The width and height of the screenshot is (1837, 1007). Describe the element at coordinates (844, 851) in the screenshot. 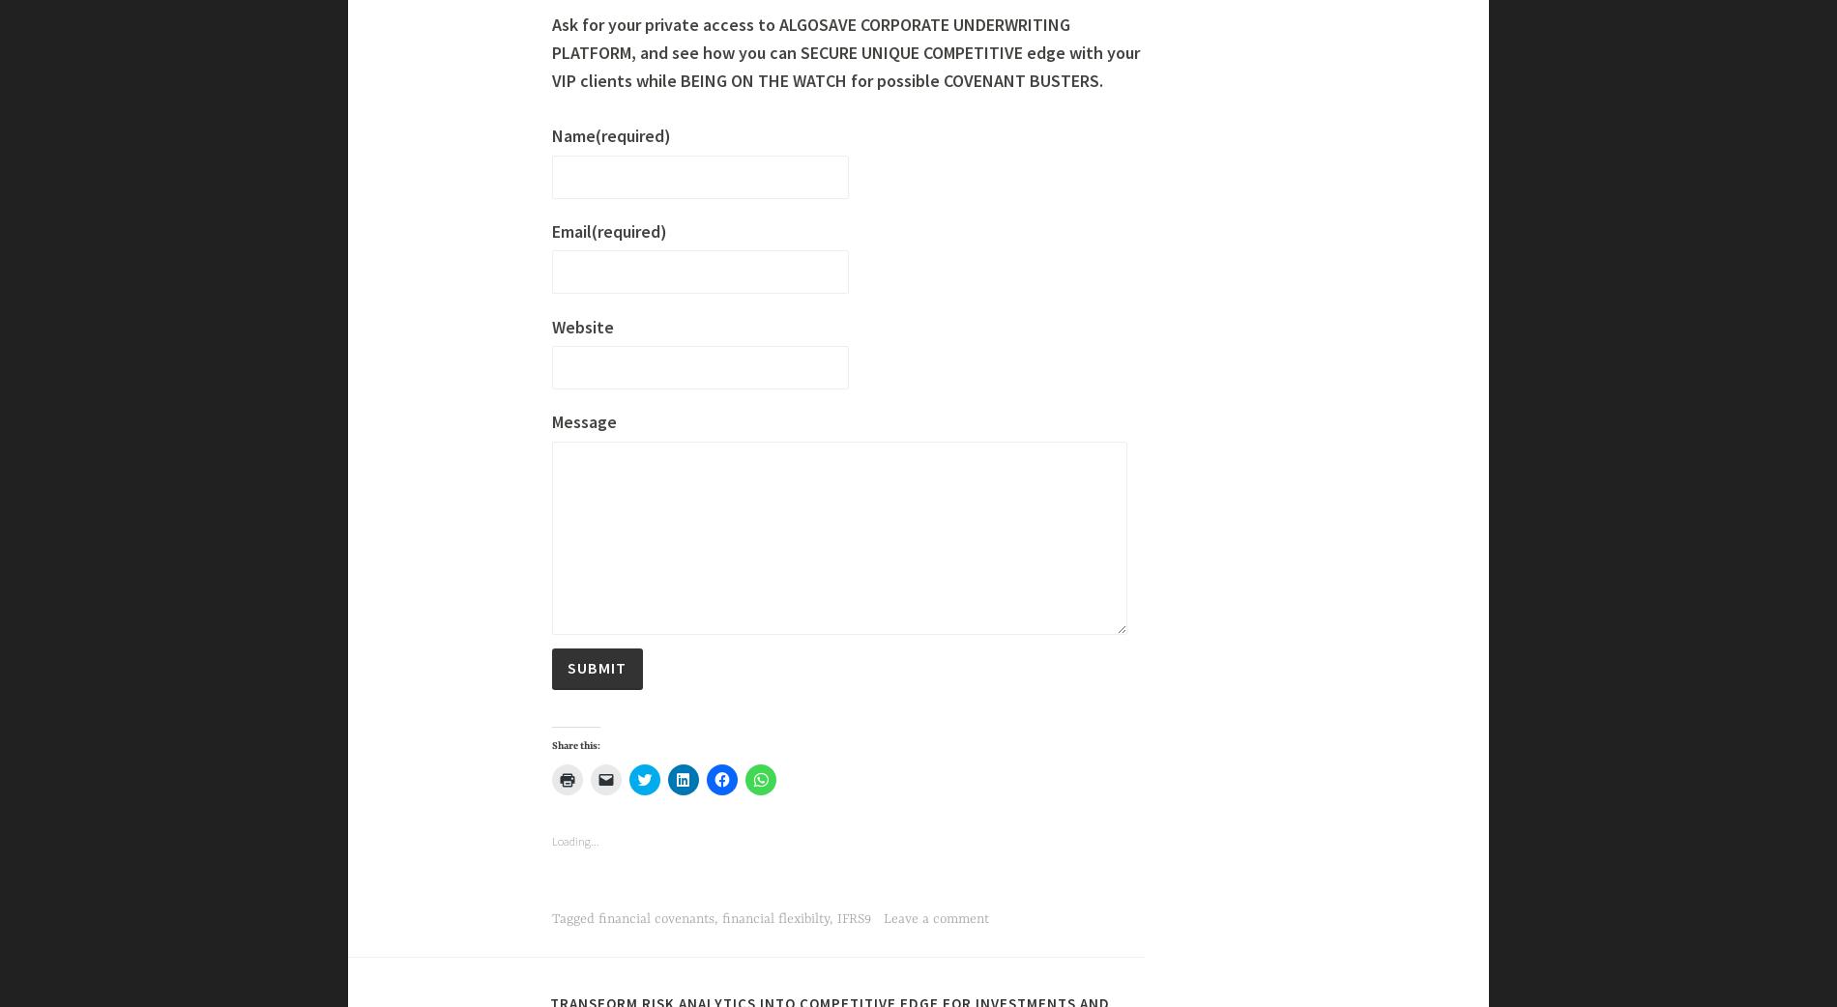

I see `'Ask for your private access to ALGOSAVE CORPORATE UNDERWRITING PLATFORM, and see how you can SECURE UNIQUE COMPETITIVE edge with your VIP clients while BEING ON THE WATCH for possible COVENANT BUSTERS.'` at that location.